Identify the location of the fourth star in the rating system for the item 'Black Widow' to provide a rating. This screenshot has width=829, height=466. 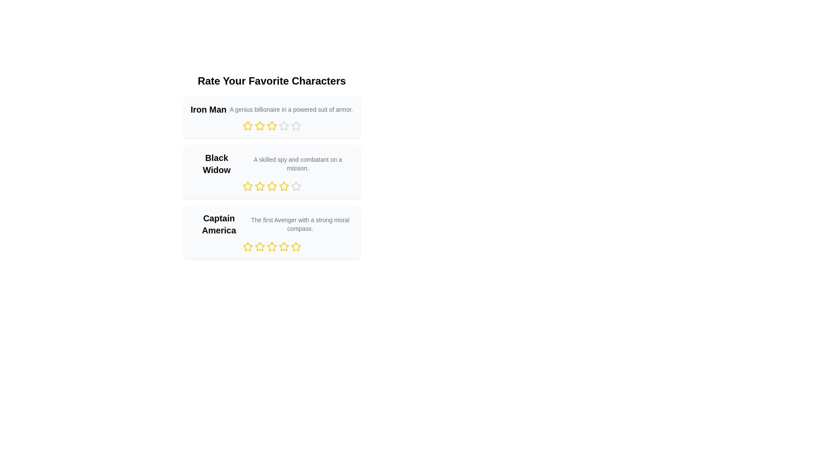
(296, 186).